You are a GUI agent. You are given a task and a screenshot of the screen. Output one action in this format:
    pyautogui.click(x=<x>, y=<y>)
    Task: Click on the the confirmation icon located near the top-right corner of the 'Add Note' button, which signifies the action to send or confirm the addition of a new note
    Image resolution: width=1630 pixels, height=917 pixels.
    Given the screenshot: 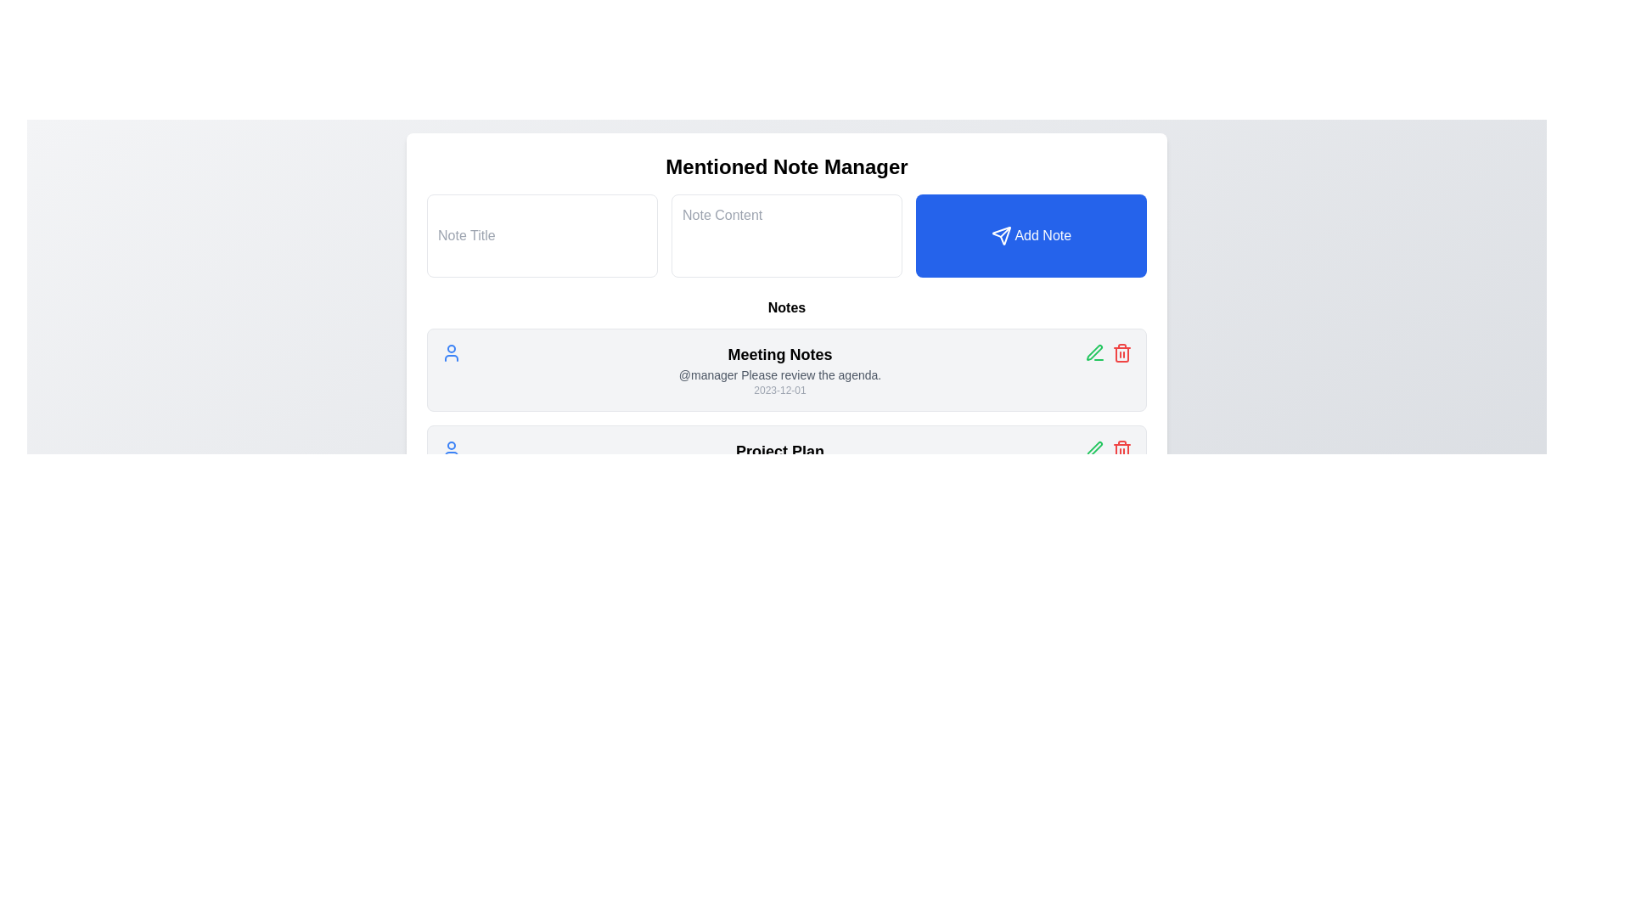 What is the action you would take?
    pyautogui.click(x=1001, y=236)
    